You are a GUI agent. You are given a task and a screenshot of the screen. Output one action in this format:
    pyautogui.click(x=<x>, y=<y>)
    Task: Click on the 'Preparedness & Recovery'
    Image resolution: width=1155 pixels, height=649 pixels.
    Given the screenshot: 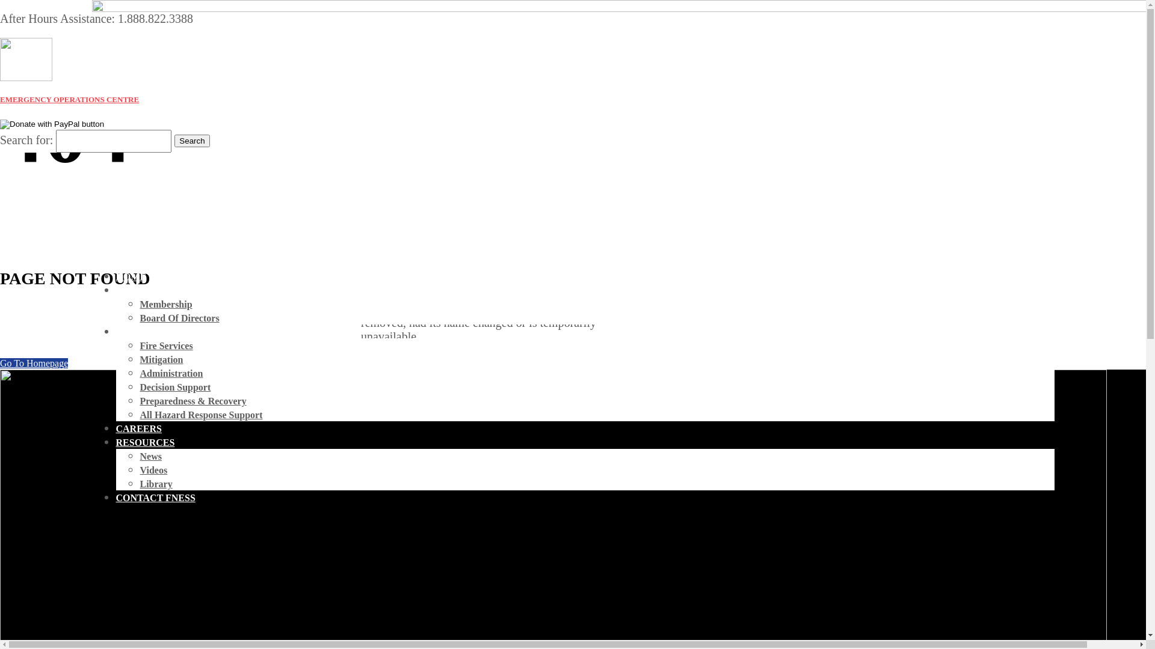 What is the action you would take?
    pyautogui.click(x=192, y=401)
    